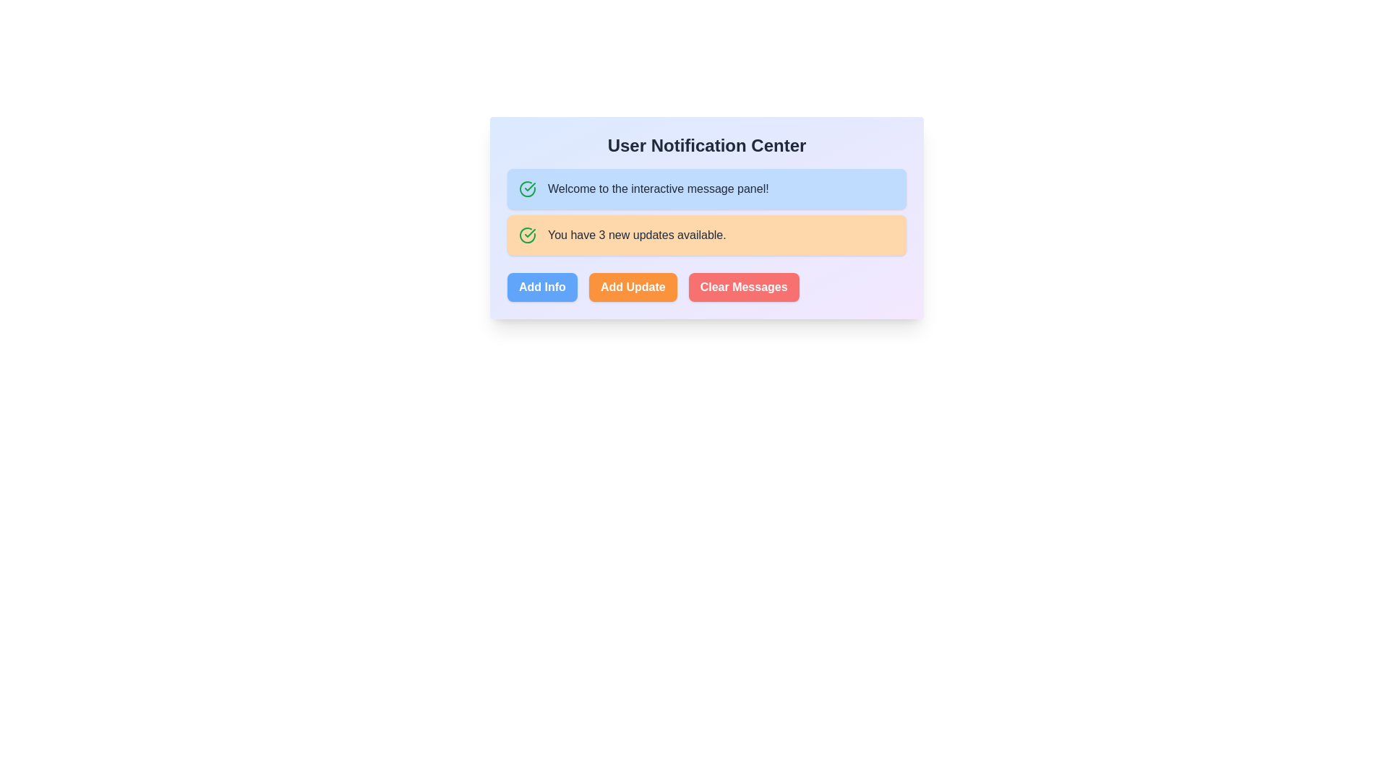 Image resolution: width=1388 pixels, height=780 pixels. Describe the element at coordinates (541, 287) in the screenshot. I see `the 'Add Info' button, which is a rectangular button with bold white text on a blue background, located at the bottom of the notification panel` at that location.